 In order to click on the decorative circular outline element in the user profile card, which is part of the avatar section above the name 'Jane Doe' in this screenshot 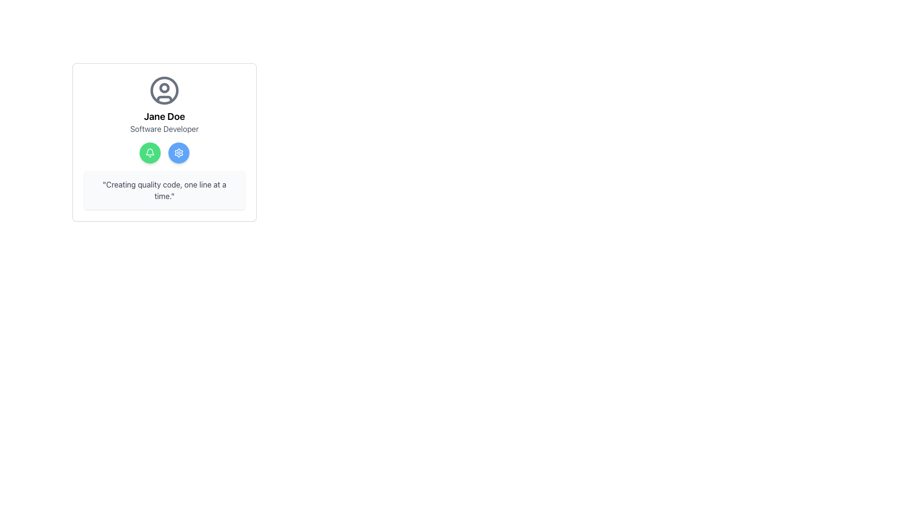, I will do `click(164, 91)`.